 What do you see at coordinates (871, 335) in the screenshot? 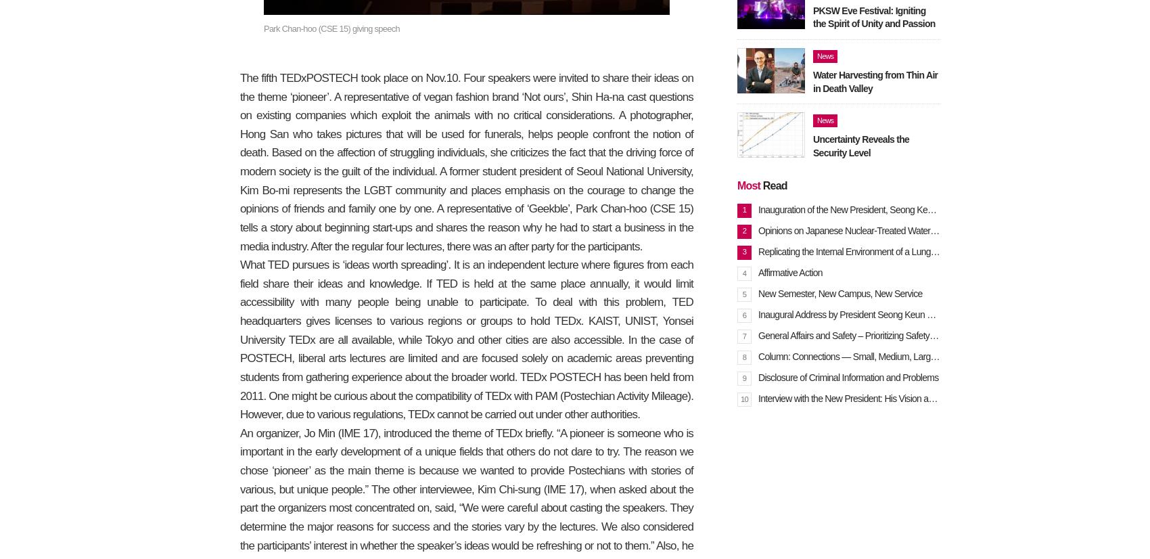
I see `'General Affairs and Safety – Prioritizing Safety at POSTECH'` at bounding box center [871, 335].